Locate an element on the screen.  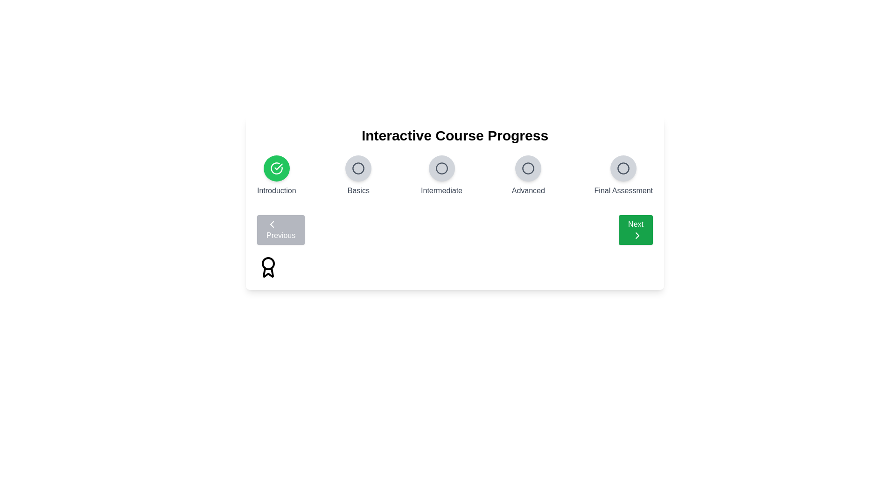
the circular icon representing the 'Final Assessment' step in the progress tracker, which is visually styled with a lighter background and a dark outline is located at coordinates (623, 168).